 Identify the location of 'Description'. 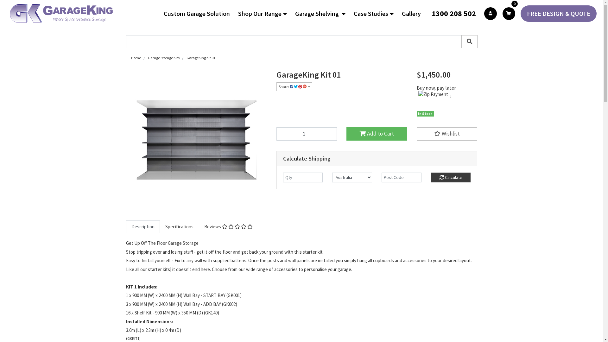
(142, 226).